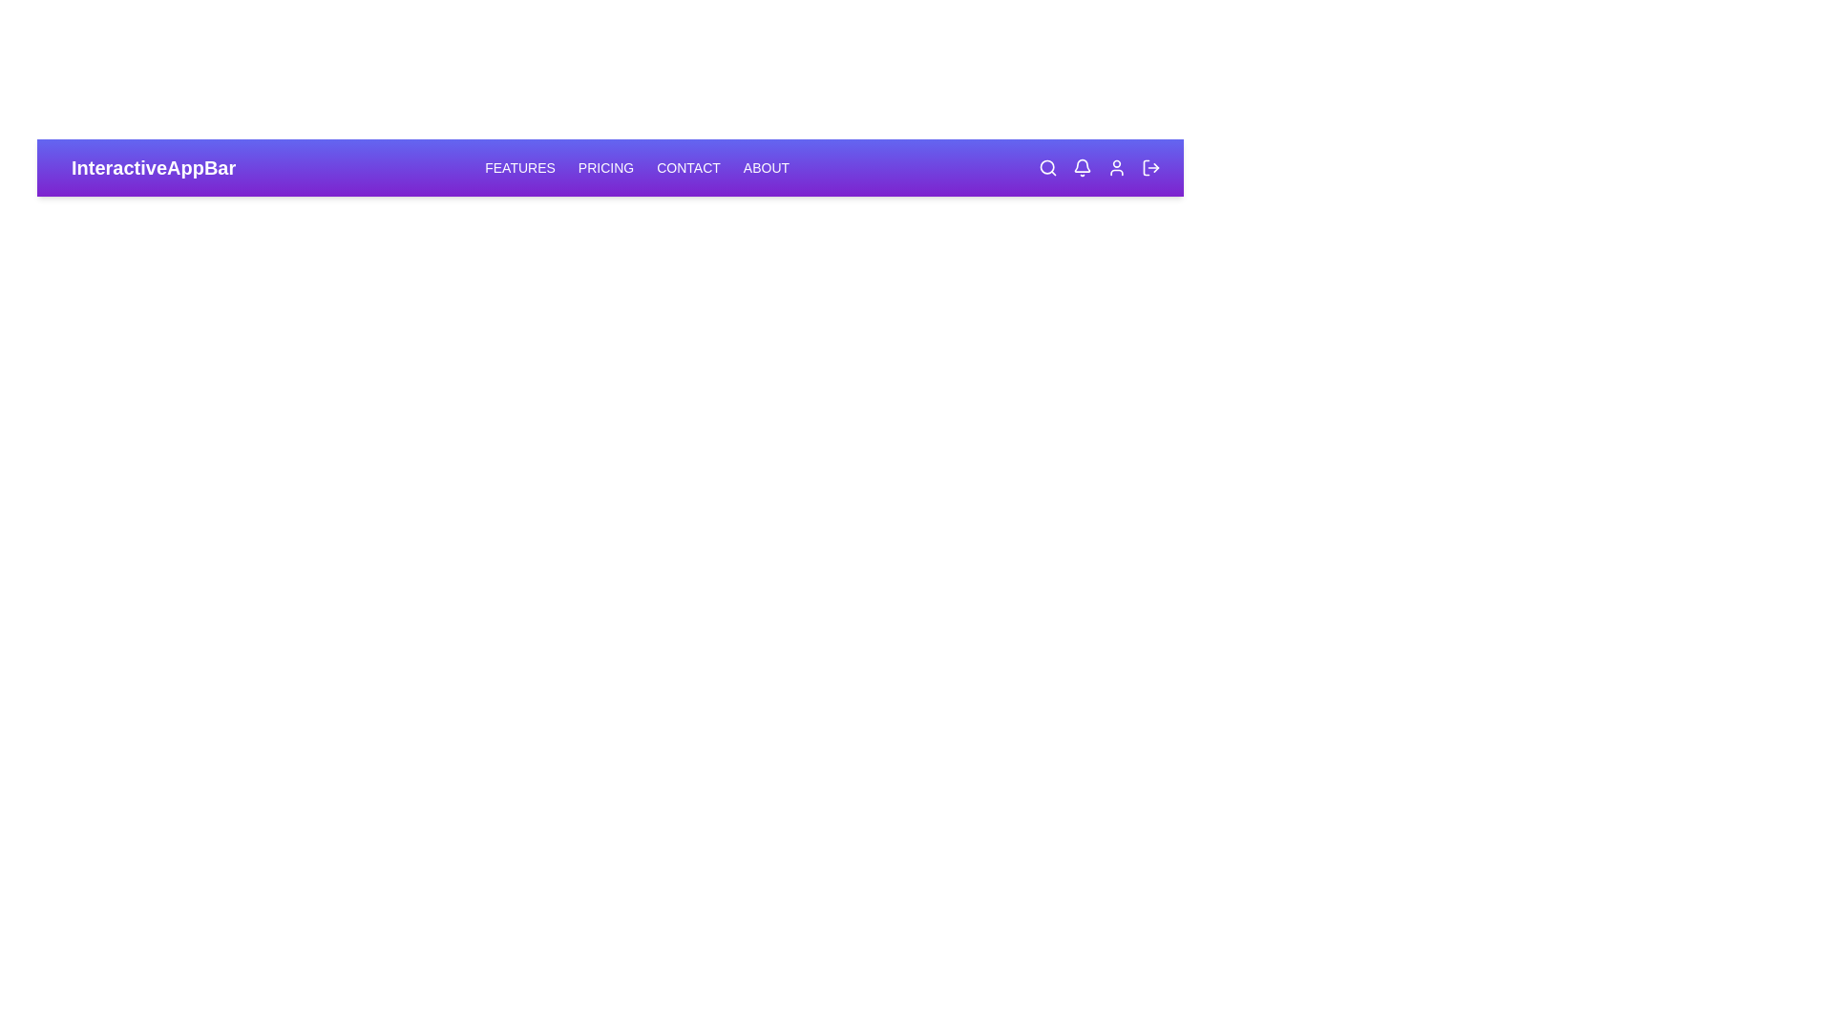 This screenshot has width=1833, height=1031. I want to click on the navigation link Features to see the hover effect, so click(520, 167).